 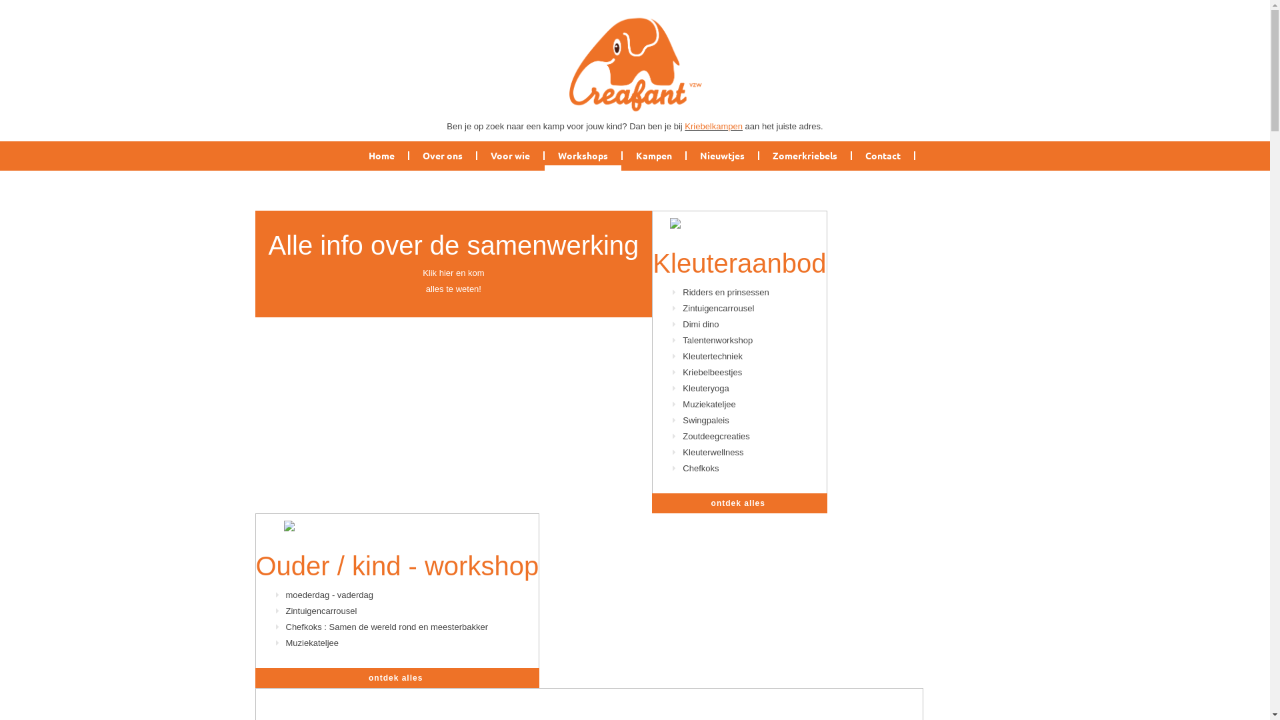 What do you see at coordinates (722, 155) in the screenshot?
I see `'Nieuwtjes'` at bounding box center [722, 155].